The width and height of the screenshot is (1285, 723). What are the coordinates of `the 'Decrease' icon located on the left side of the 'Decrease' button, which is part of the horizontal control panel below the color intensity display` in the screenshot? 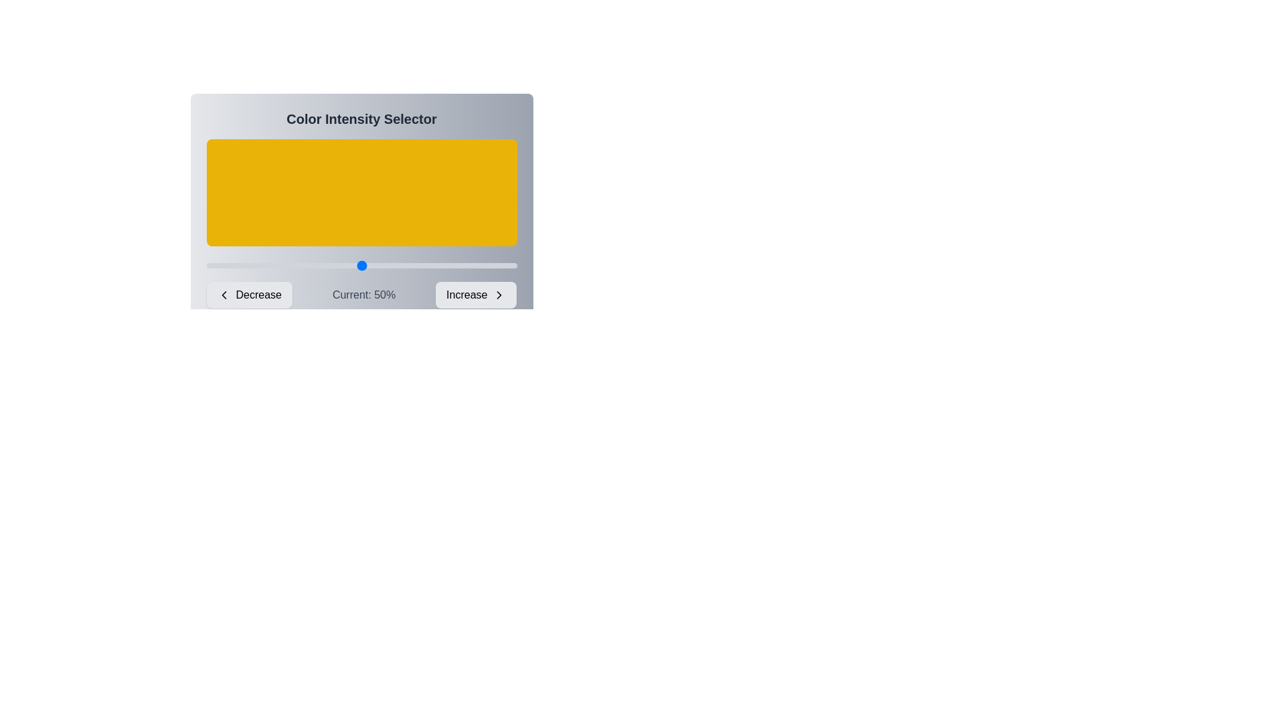 It's located at (224, 294).